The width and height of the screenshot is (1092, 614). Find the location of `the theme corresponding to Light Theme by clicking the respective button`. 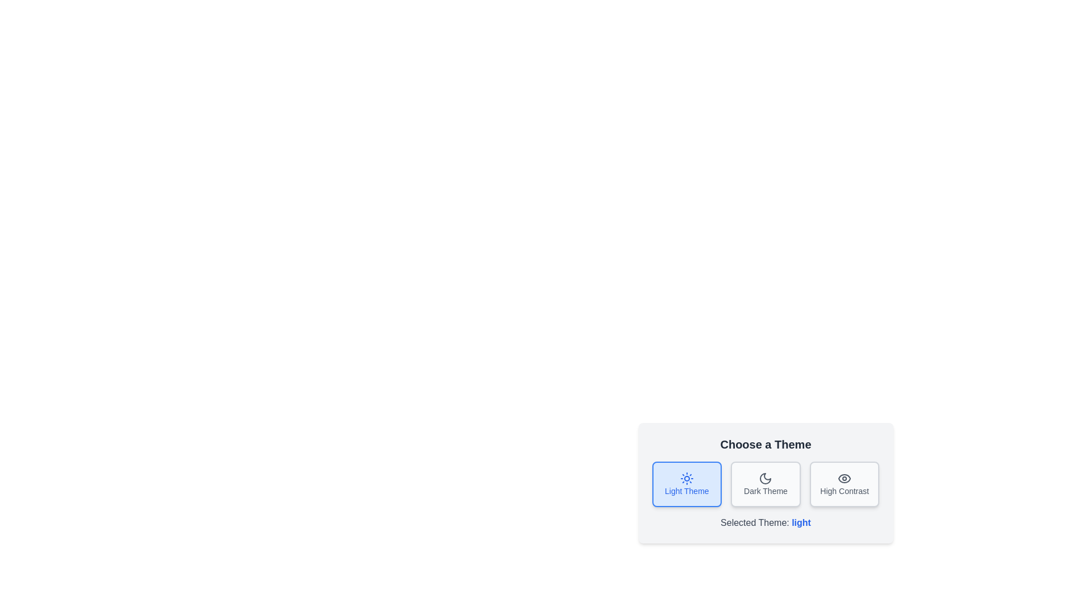

the theme corresponding to Light Theme by clicking the respective button is located at coordinates (686, 484).